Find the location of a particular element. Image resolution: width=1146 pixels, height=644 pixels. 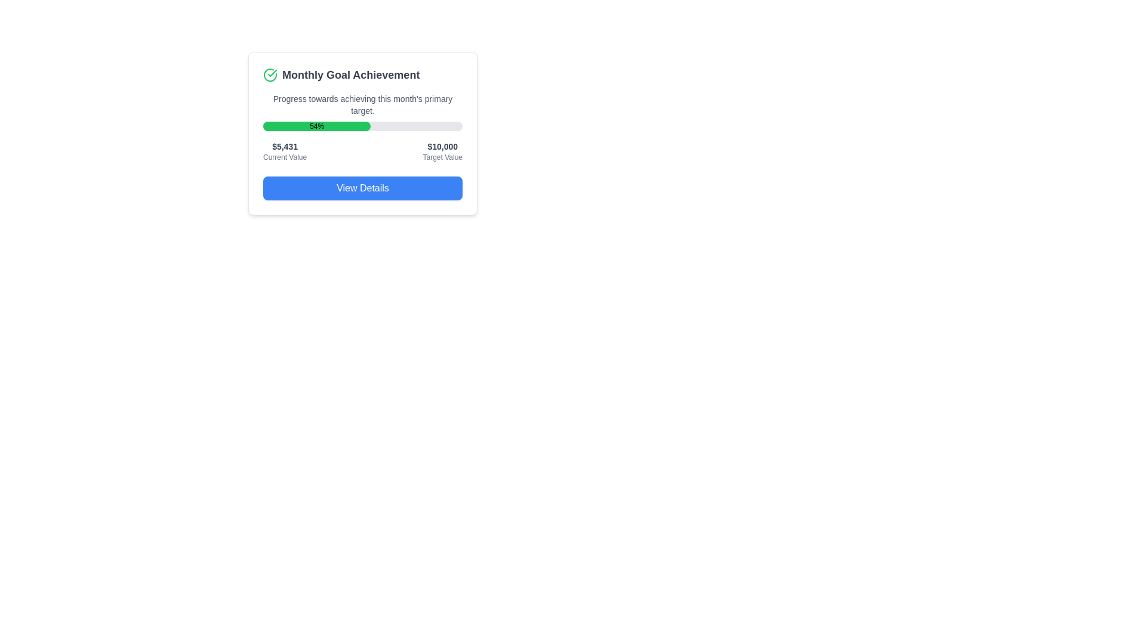

the green check mark graphic indicating successful status within the SVG of the 'Monthly Goal Achievement' card is located at coordinates (272, 73).